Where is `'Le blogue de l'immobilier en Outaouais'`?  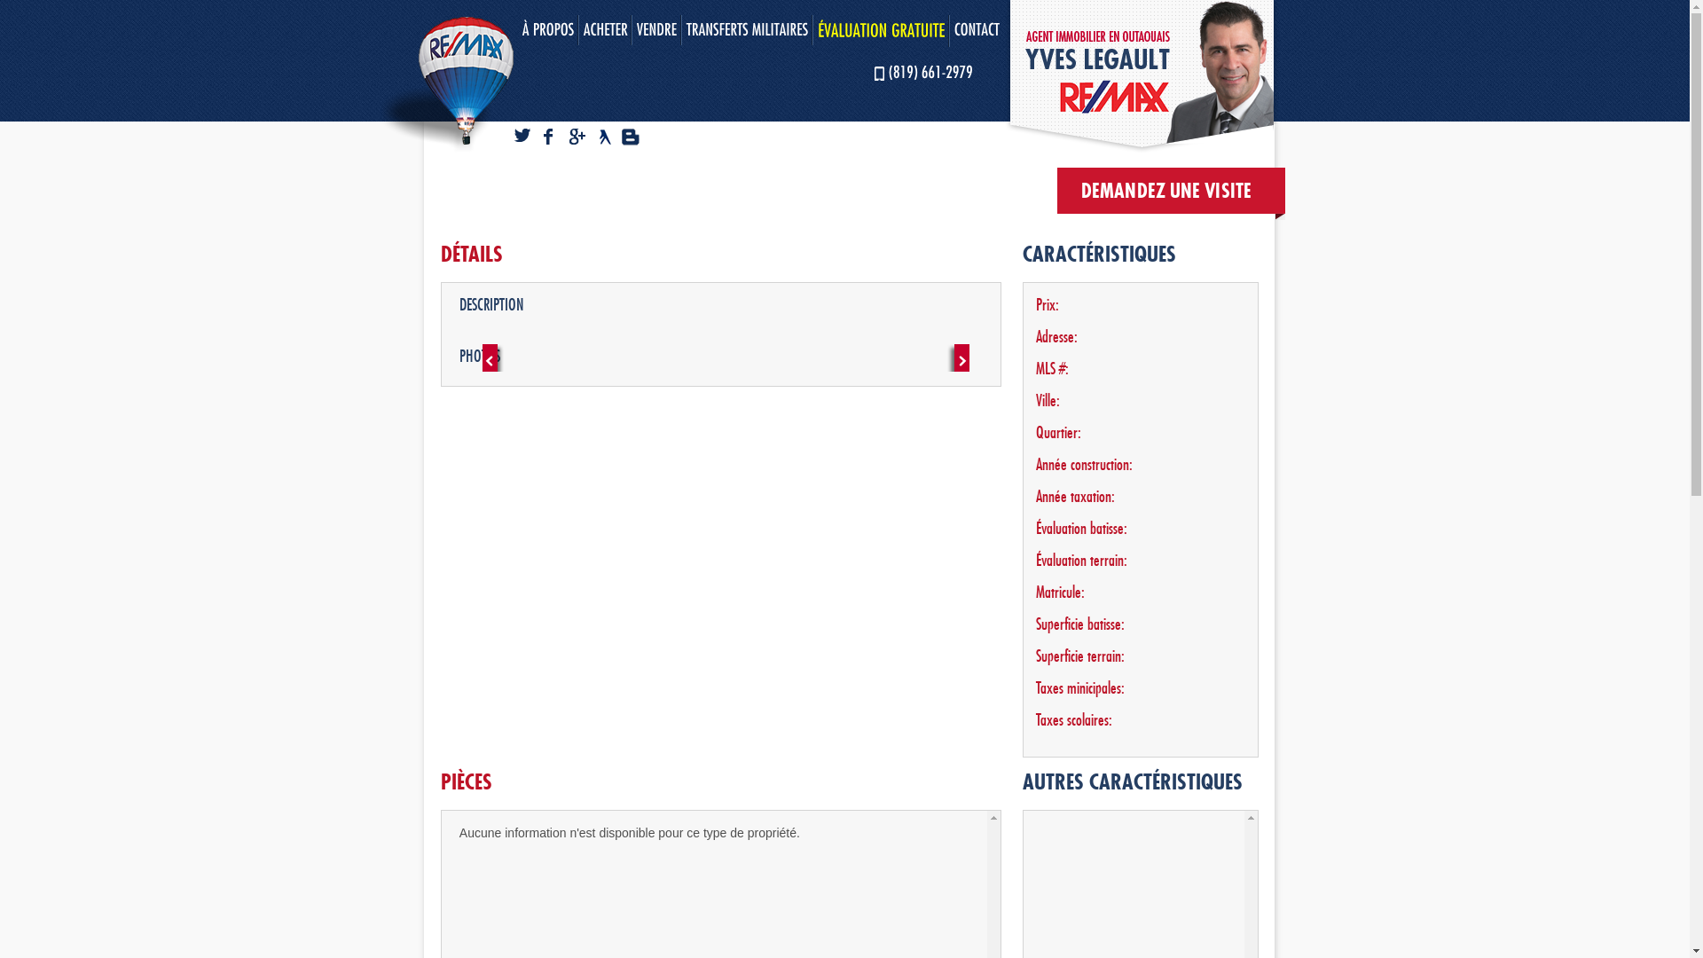 'Le blogue de l'immobilier en Outaouais' is located at coordinates (632, 137).